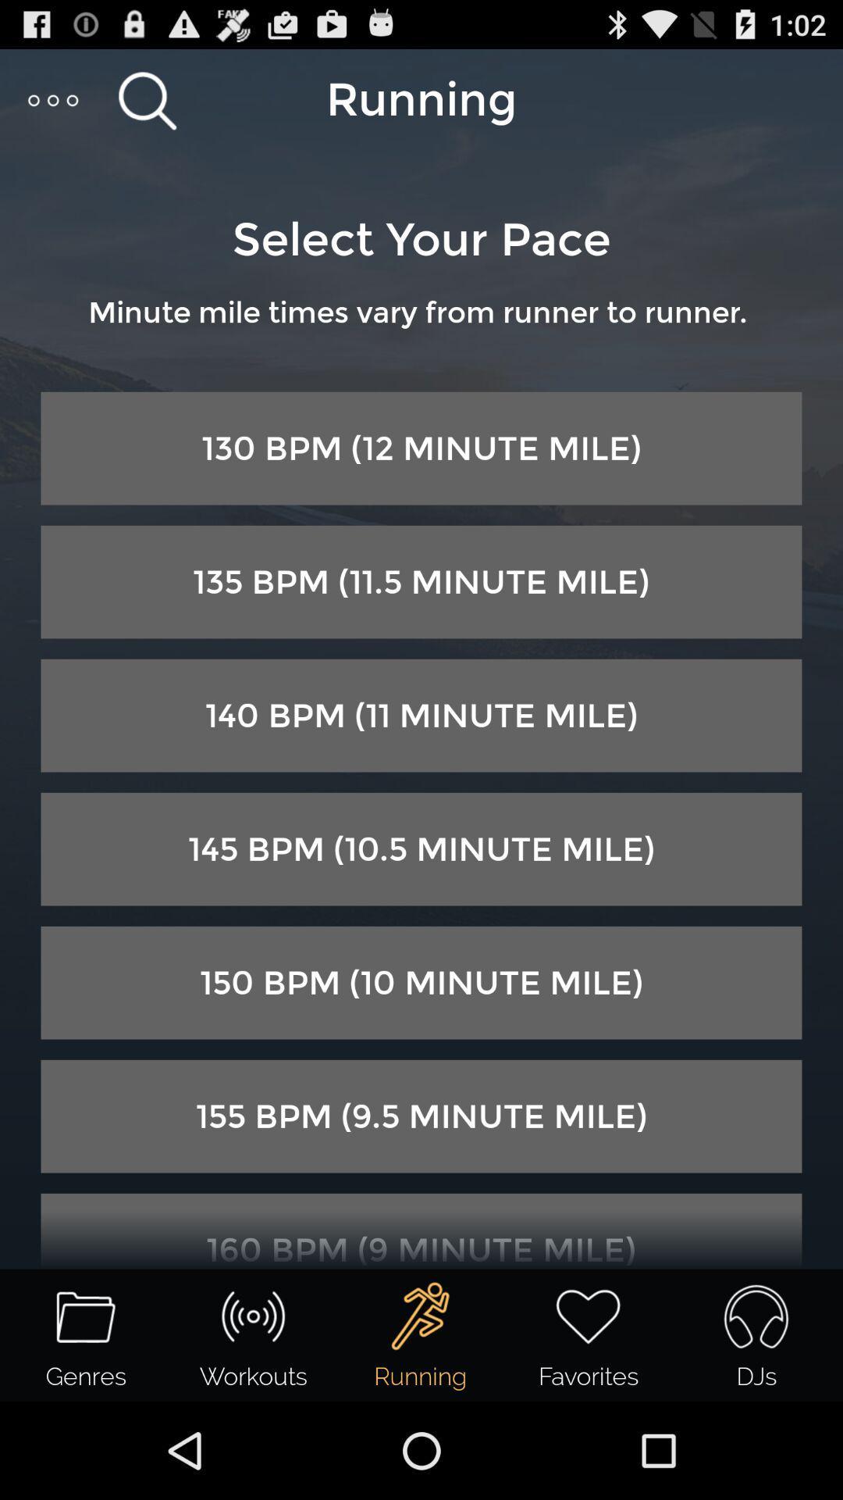 This screenshot has width=843, height=1500. Describe the element at coordinates (421, 448) in the screenshot. I see `the 130 bpm 12` at that location.